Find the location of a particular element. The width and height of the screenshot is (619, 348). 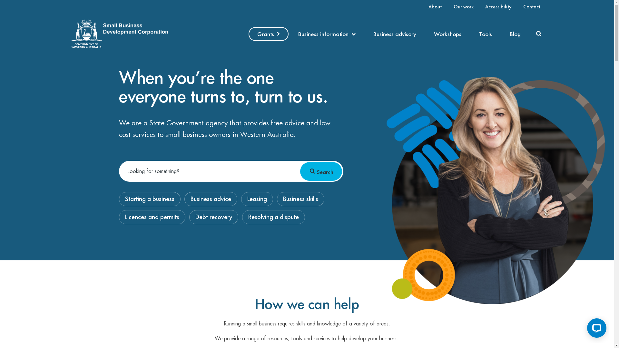

'Tools' is located at coordinates (486, 34).